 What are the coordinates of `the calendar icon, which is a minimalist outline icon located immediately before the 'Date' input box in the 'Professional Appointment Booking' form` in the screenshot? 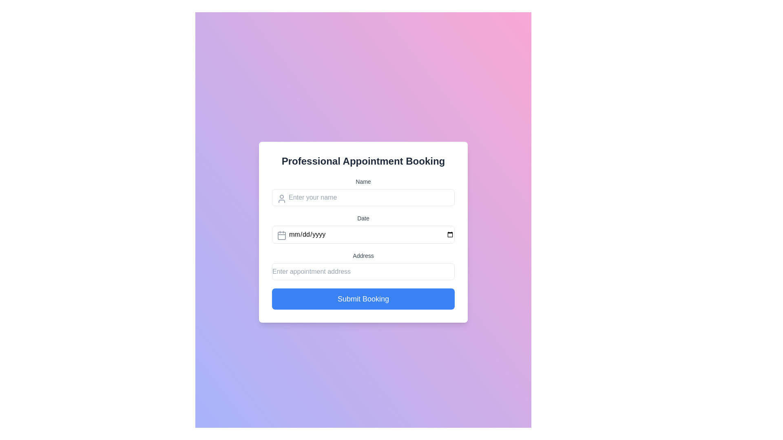 It's located at (282, 235).